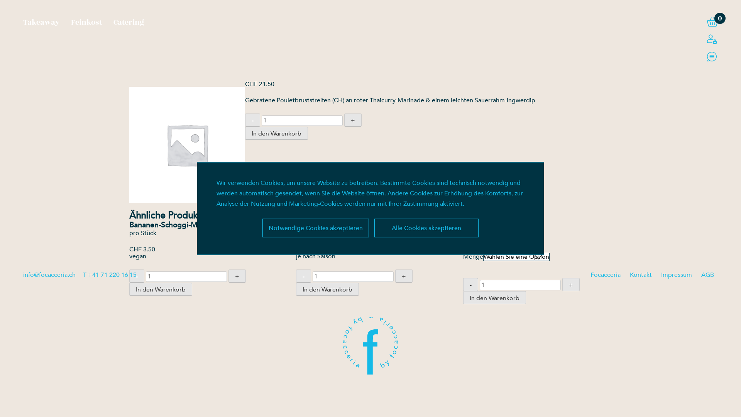 Image resolution: width=741 pixels, height=417 pixels. Describe the element at coordinates (630, 275) in the screenshot. I see `'Kontakt'` at that location.